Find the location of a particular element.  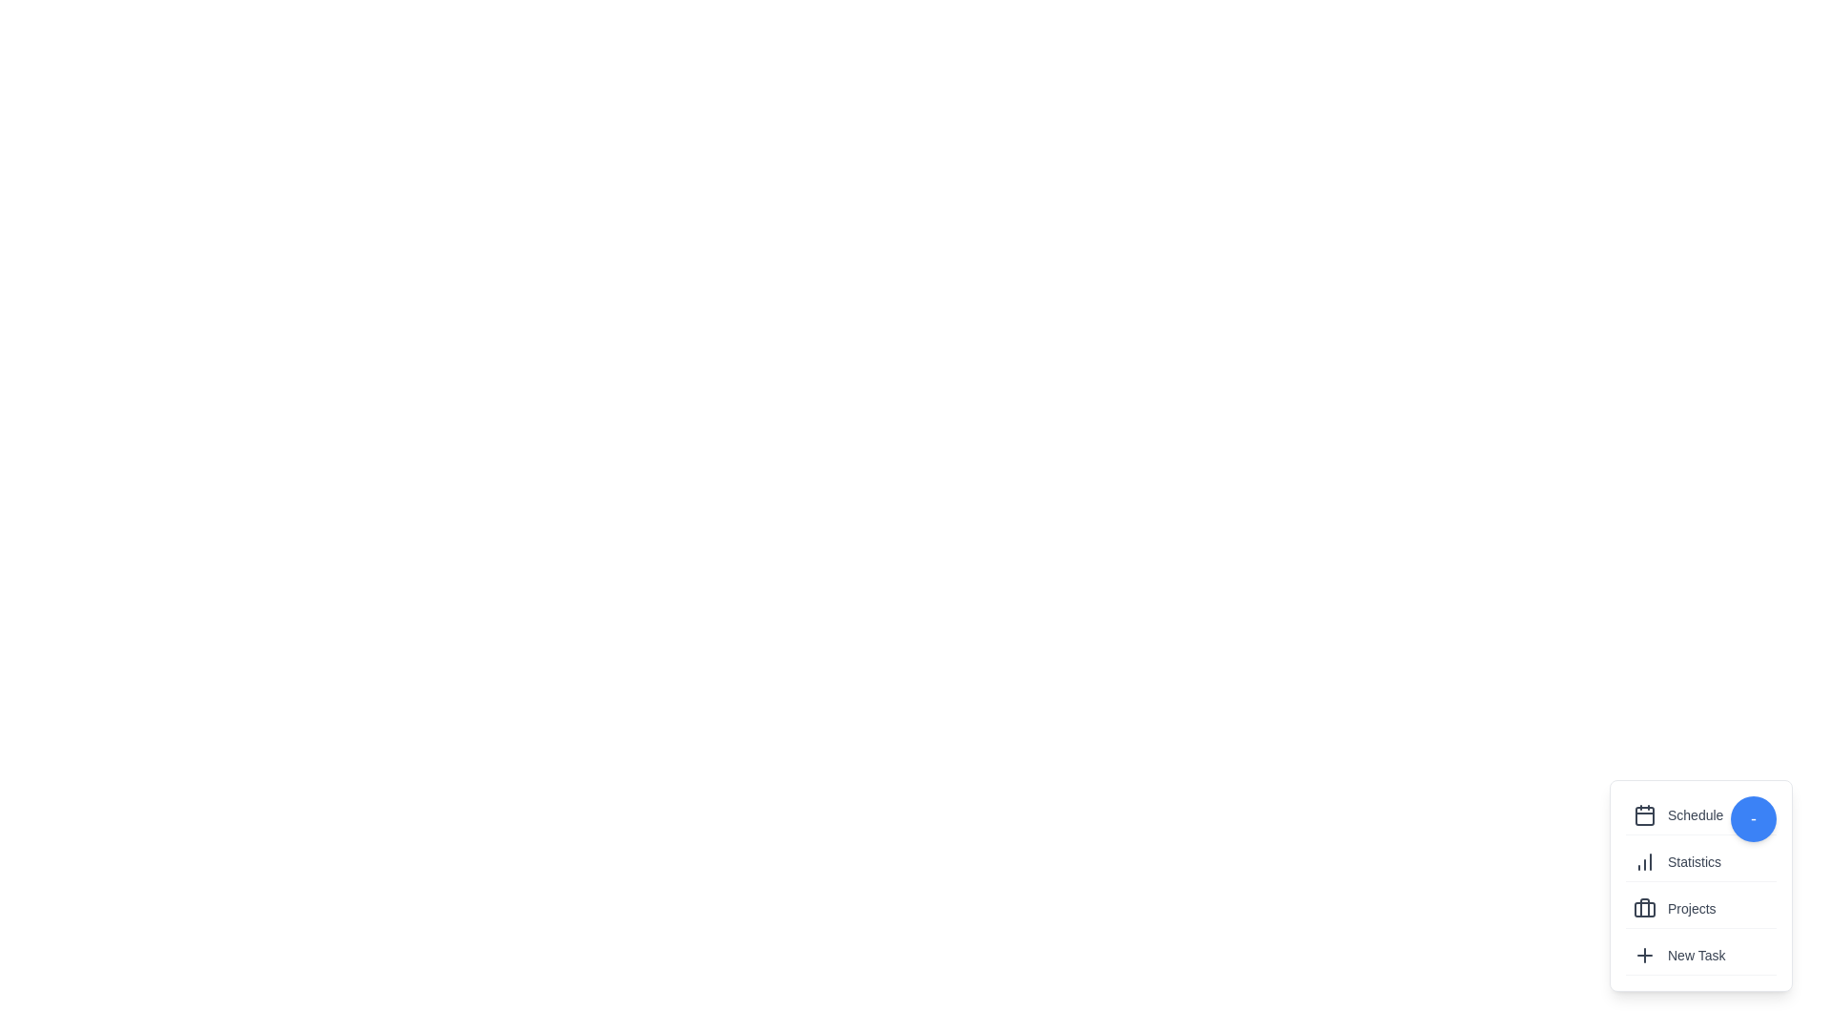

the circular blue button with a white dash symbol at the top-right corner of the white panel is located at coordinates (1753, 818).